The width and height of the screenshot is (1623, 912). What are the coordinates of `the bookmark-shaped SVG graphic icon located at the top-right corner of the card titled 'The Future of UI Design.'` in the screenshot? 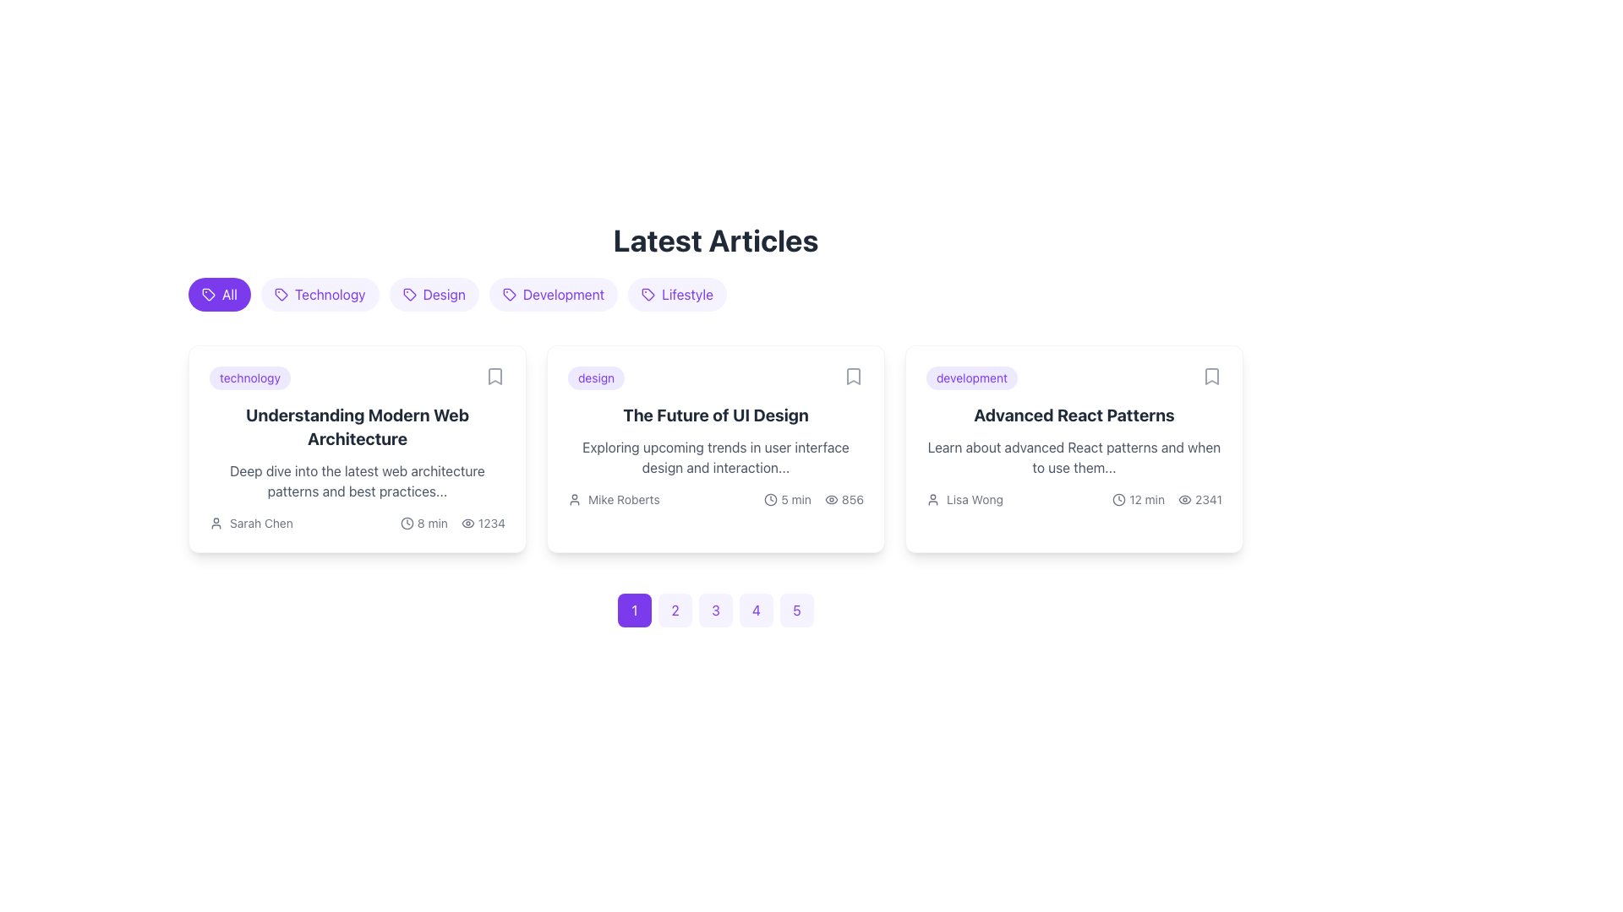 It's located at (853, 376).